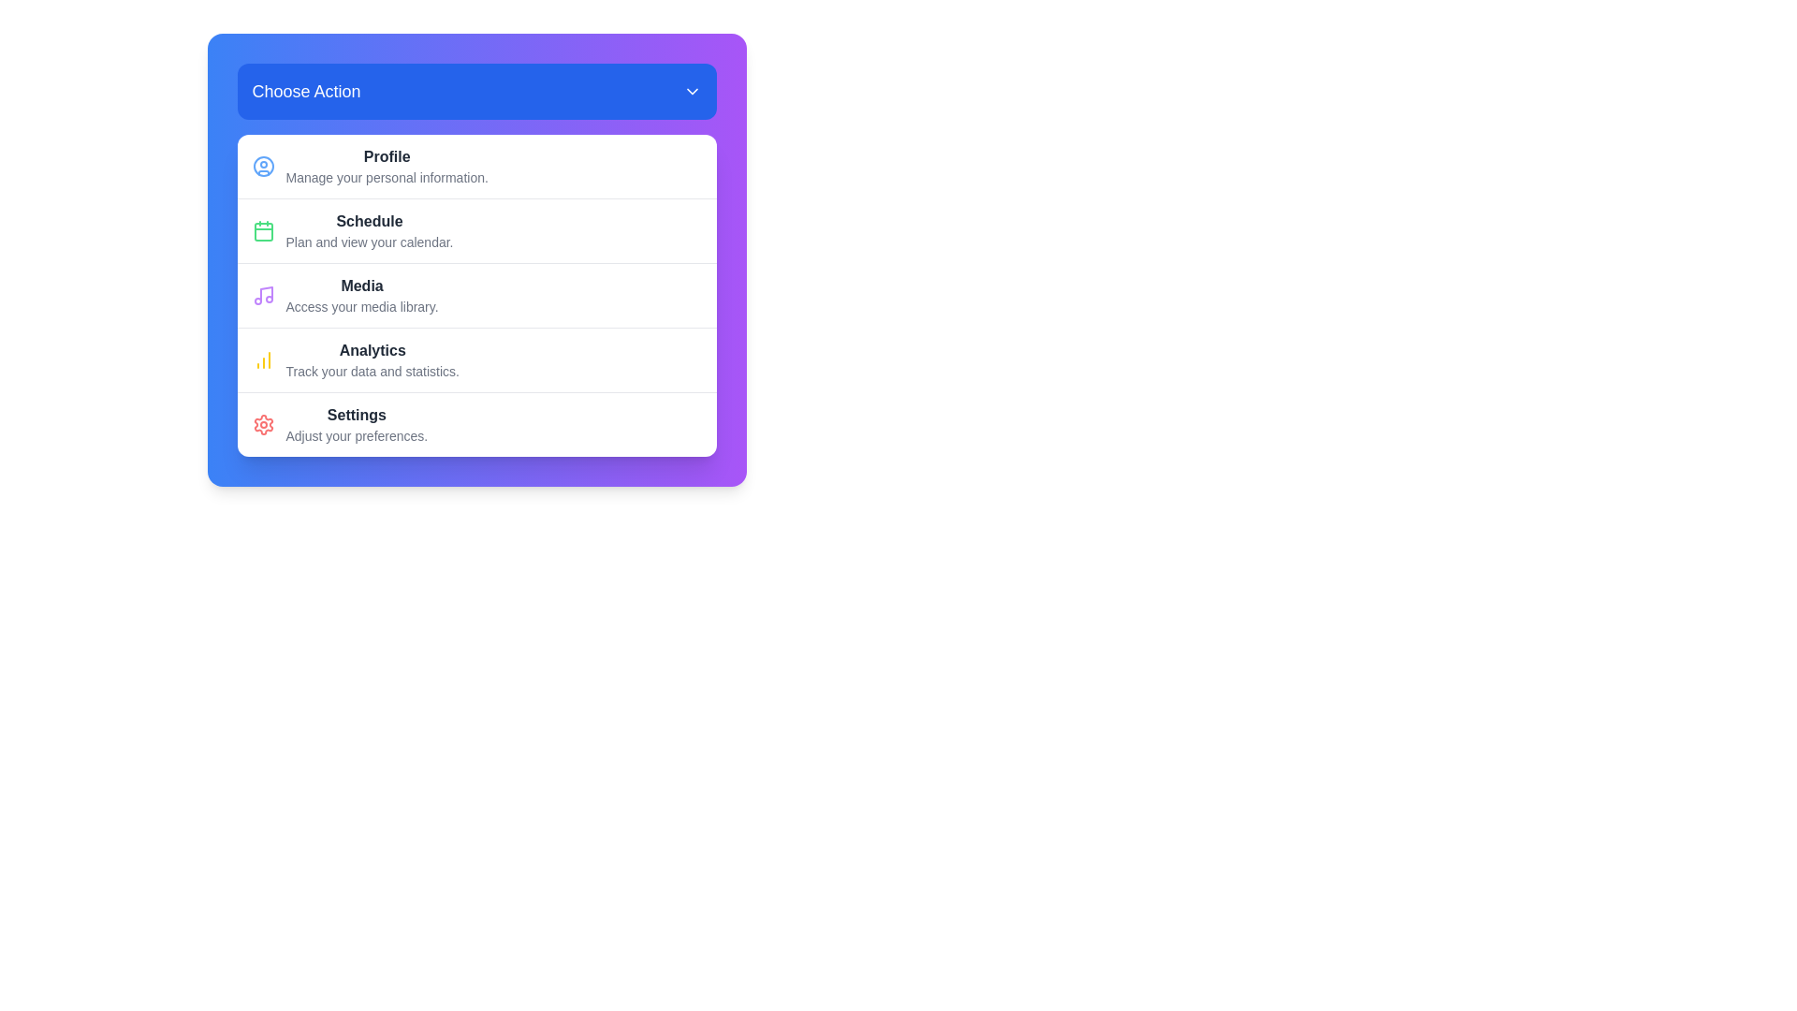 The width and height of the screenshot is (1797, 1011). I want to click on the third item in the list, which represents a navigation link, so click(476, 295).